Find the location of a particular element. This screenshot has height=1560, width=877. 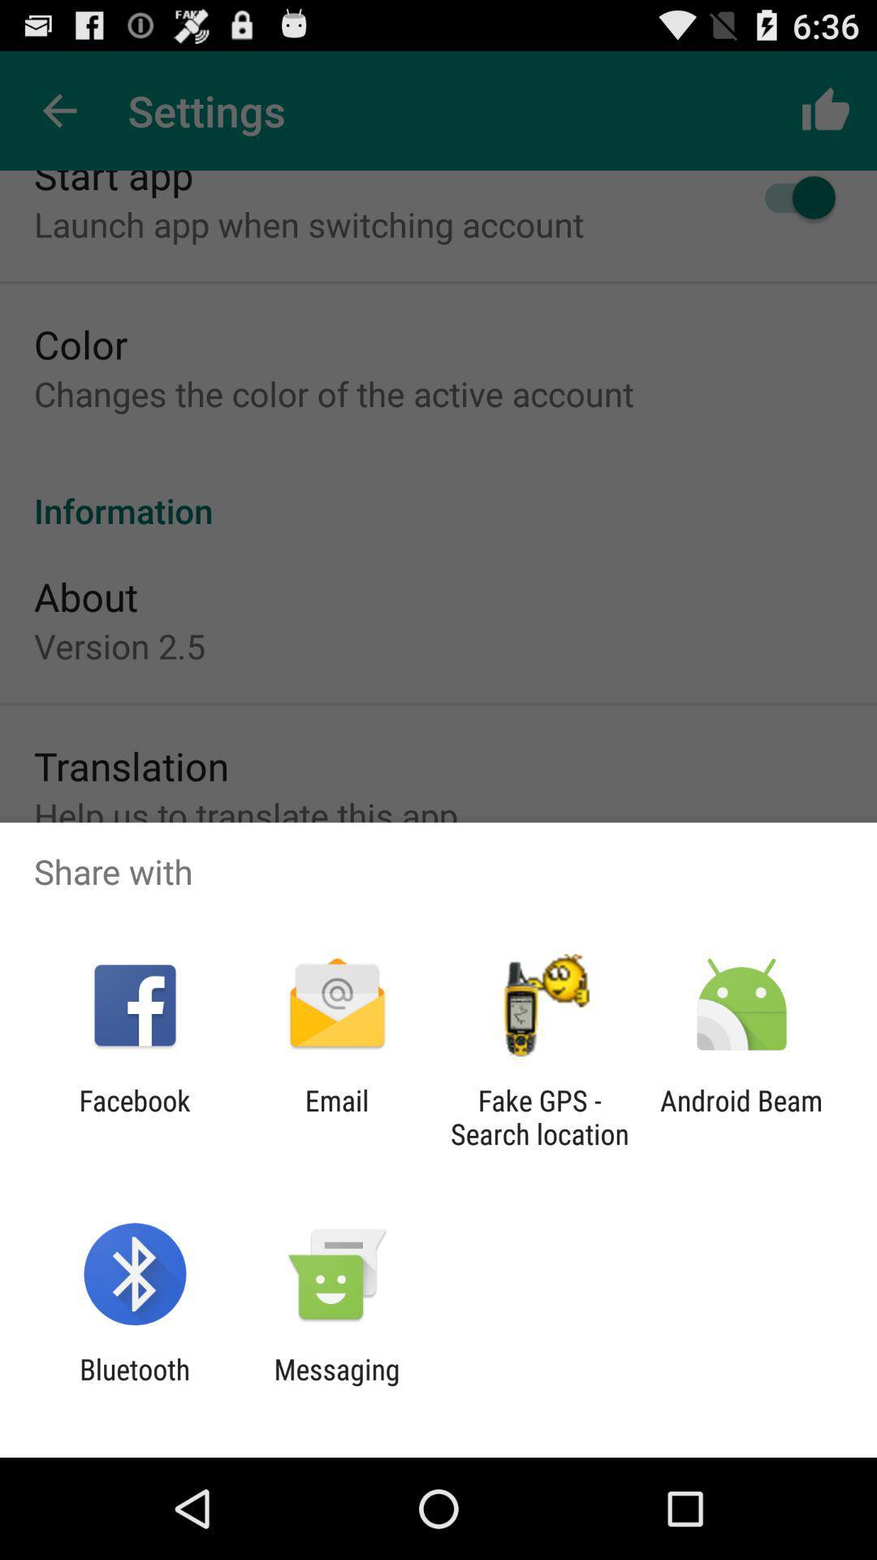

item to the right of fake gps search icon is located at coordinates (741, 1116).